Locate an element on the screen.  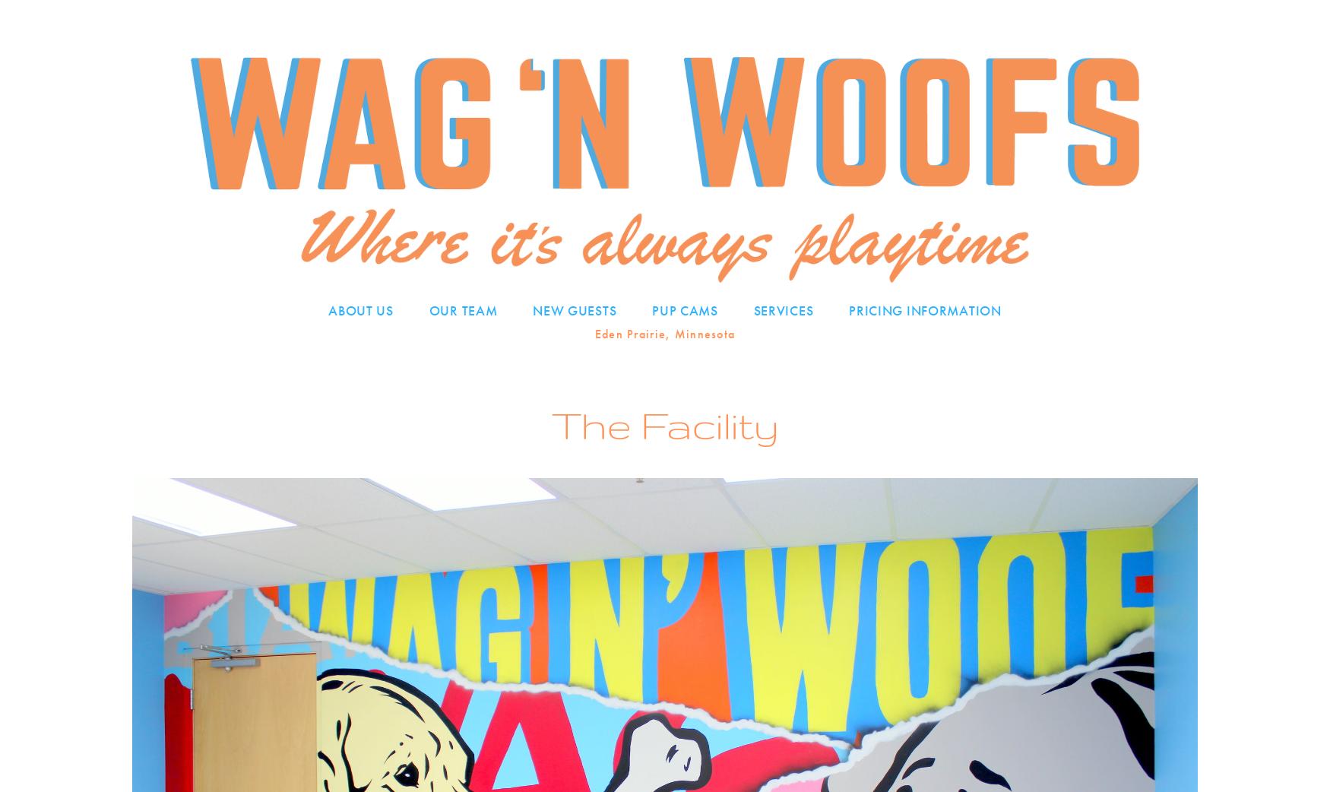
'Things to Know' is located at coordinates (591, 370).